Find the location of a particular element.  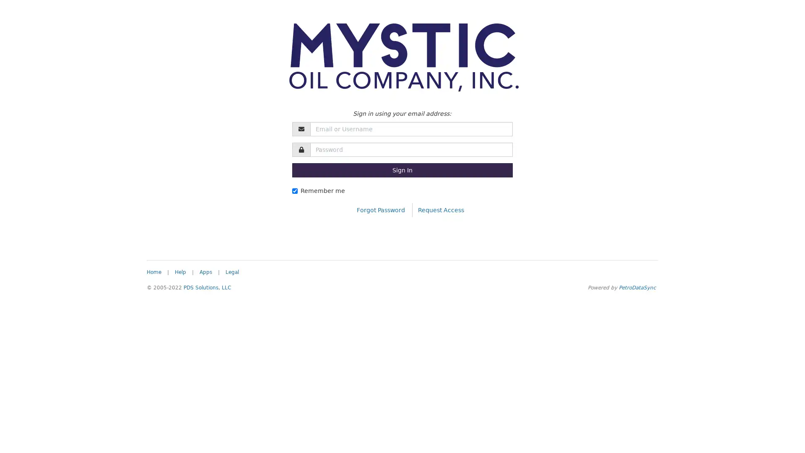

Forgot Password is located at coordinates (380, 209).